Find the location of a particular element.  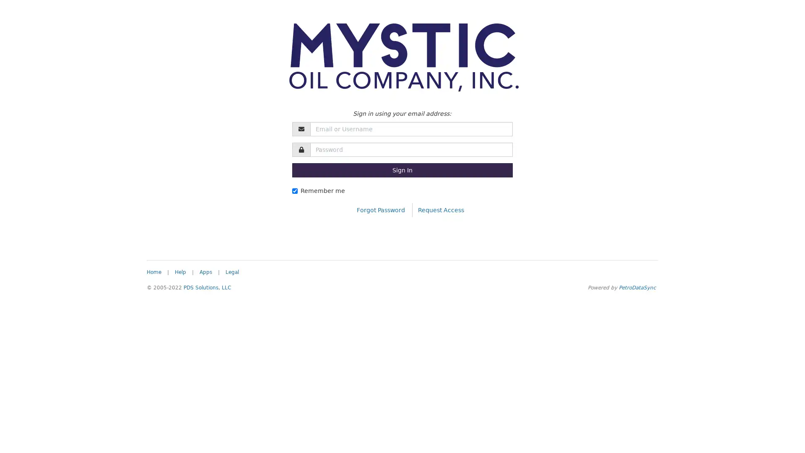

Forgot Password is located at coordinates (380, 209).